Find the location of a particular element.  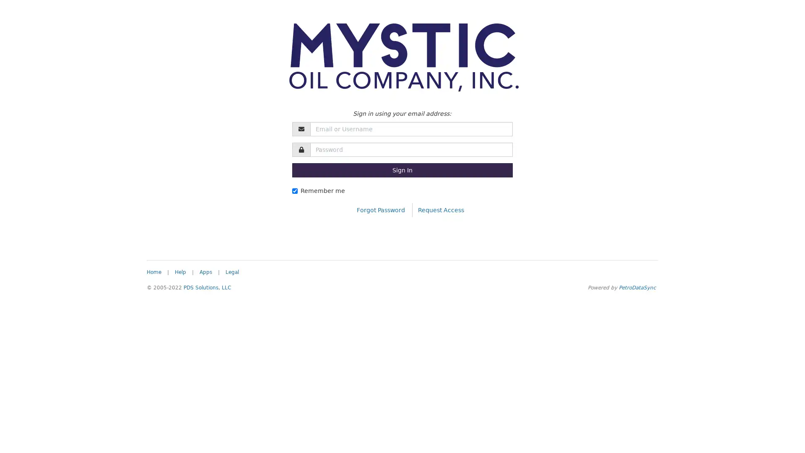

Forgot Password is located at coordinates (380, 209).